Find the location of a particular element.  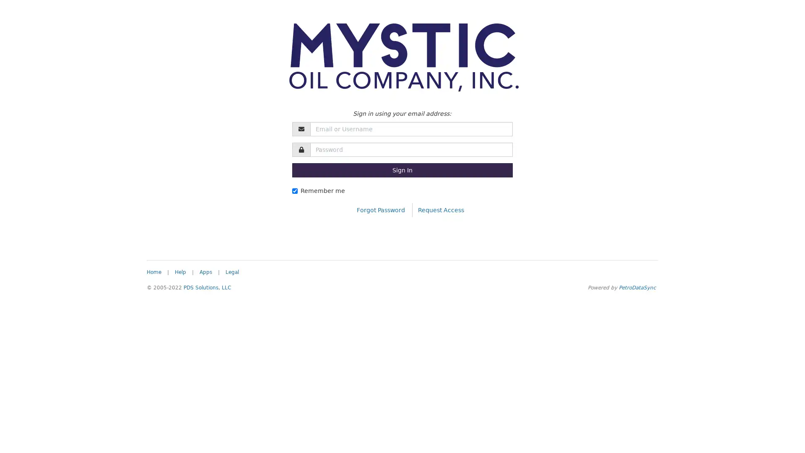

Forgot Password is located at coordinates (380, 209).